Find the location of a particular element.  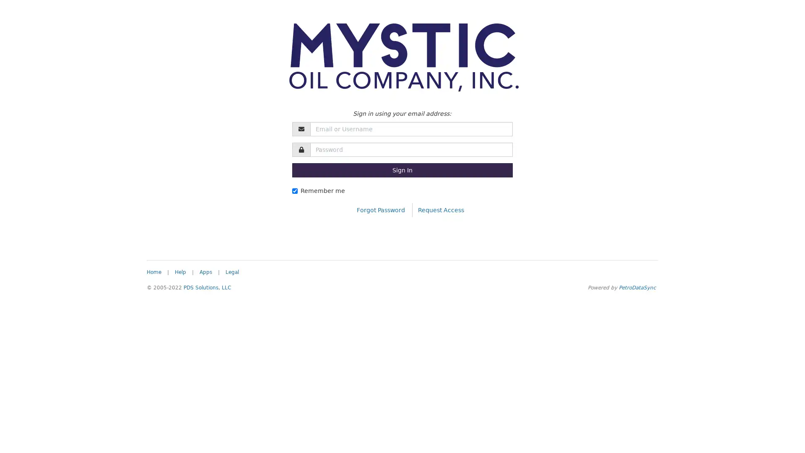

Forgot Password is located at coordinates (380, 209).